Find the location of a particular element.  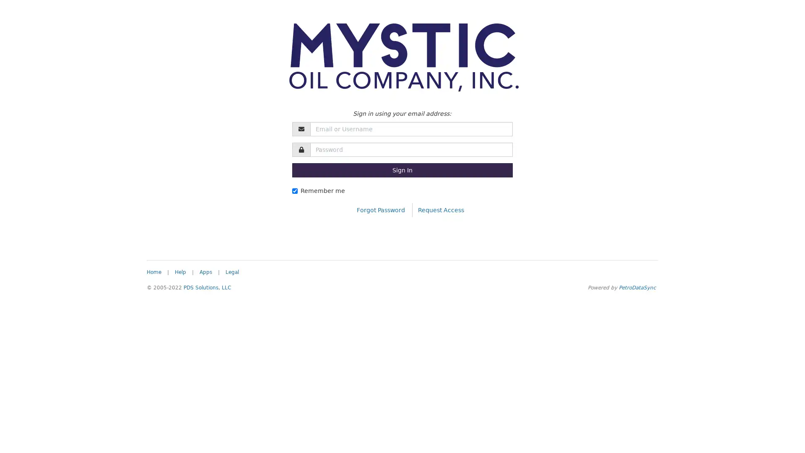

Forgot Password is located at coordinates (380, 209).